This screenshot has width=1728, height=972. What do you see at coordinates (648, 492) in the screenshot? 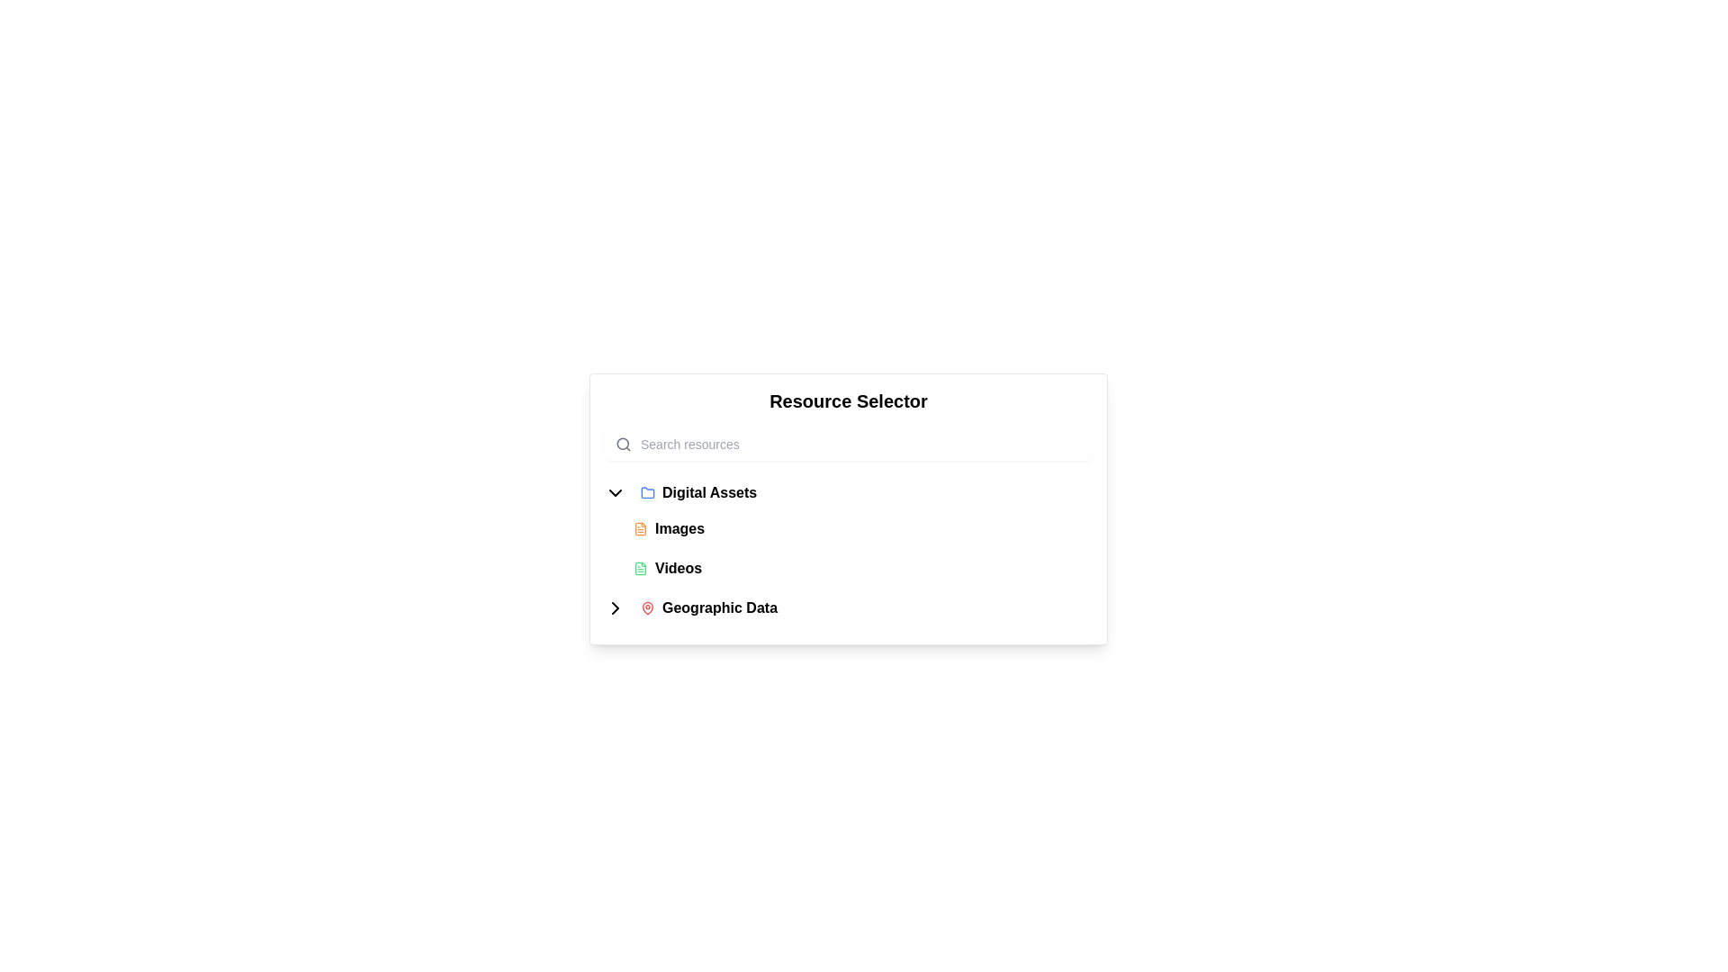
I see `the blue folder icon in the 'Resource Selector' menu` at bounding box center [648, 492].